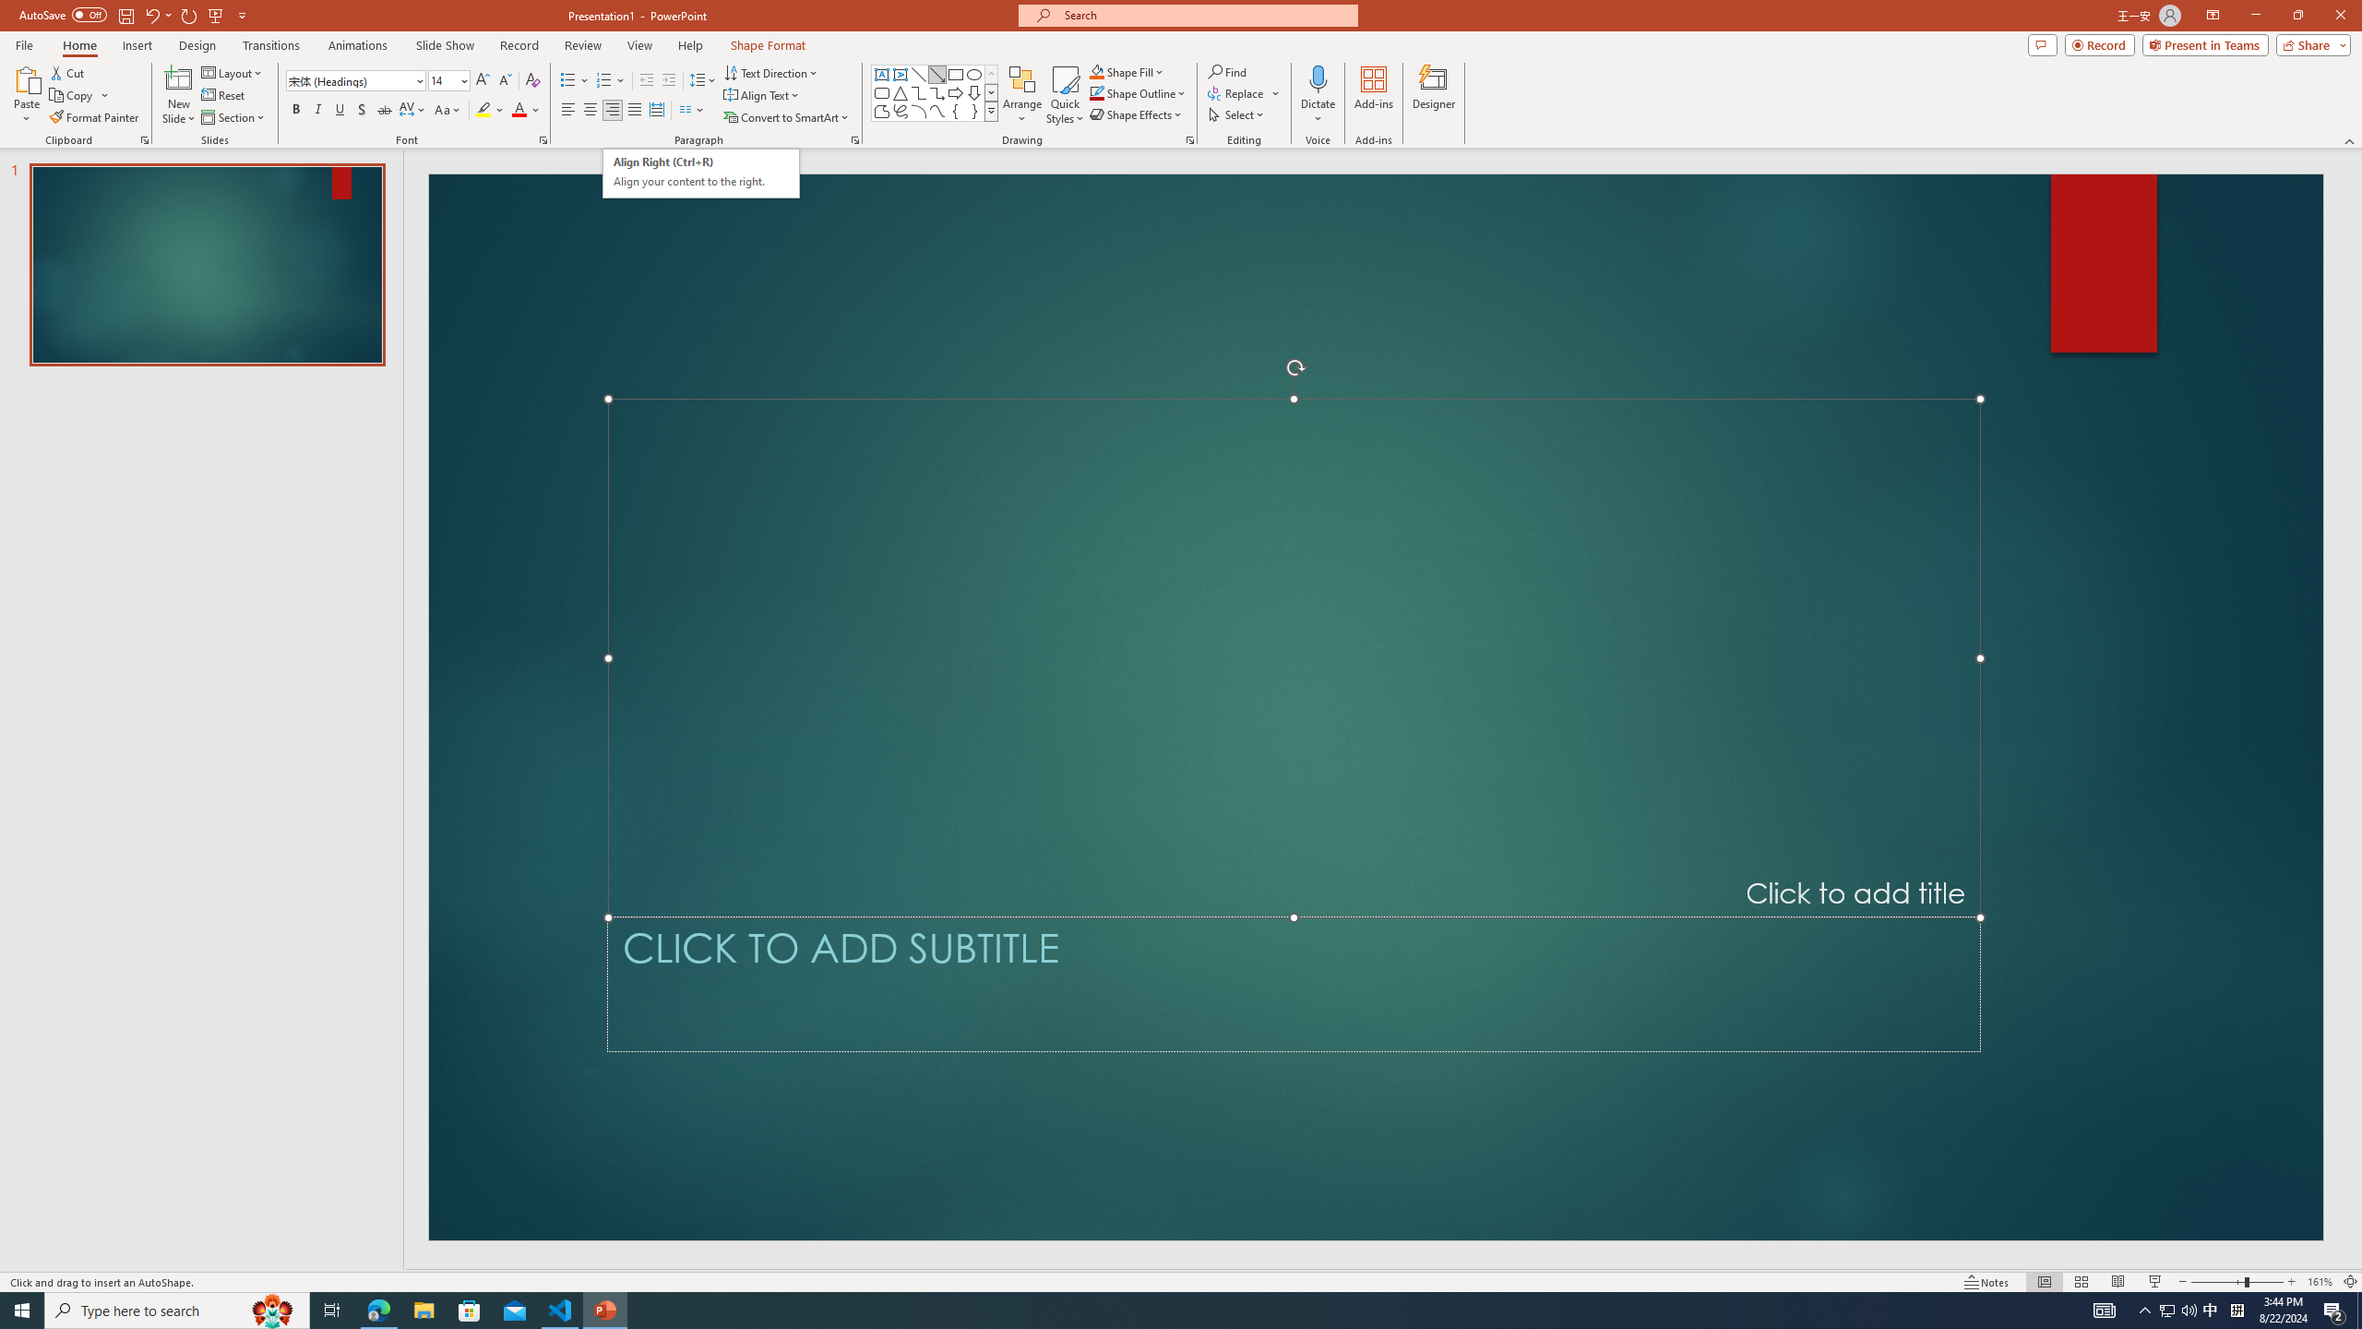 This screenshot has height=1329, width=2362. I want to click on 'Zoom 161%', so click(2320, 1282).